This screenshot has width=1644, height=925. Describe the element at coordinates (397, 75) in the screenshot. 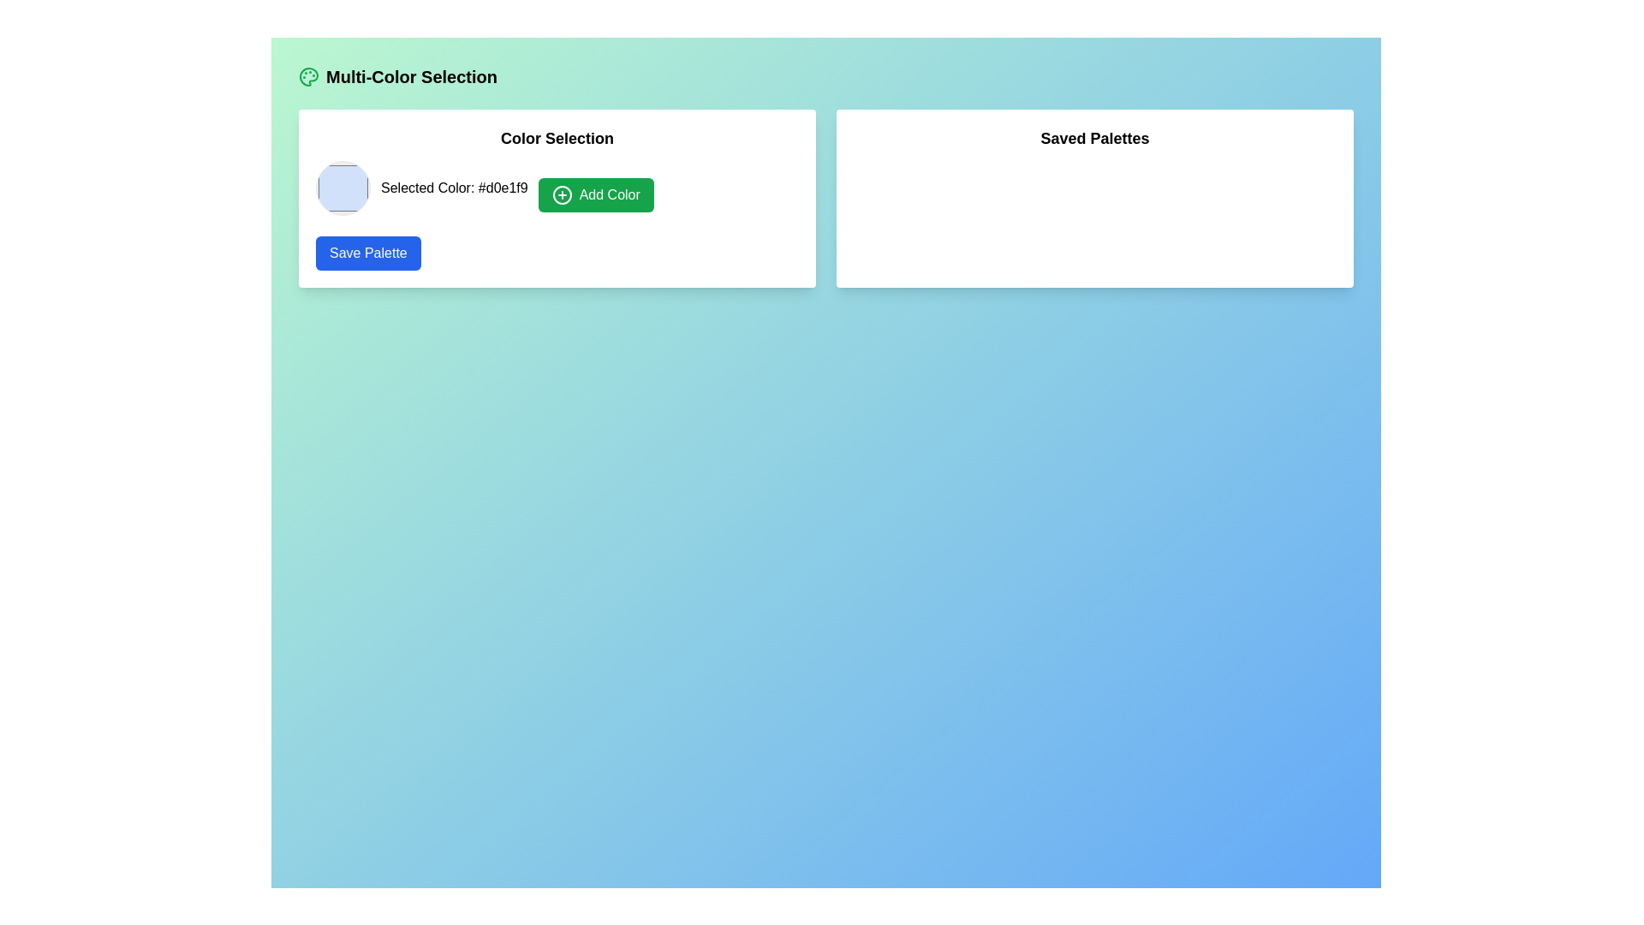

I see `the Label with an icon indicating multi-color selection functionality for accessibility` at that location.